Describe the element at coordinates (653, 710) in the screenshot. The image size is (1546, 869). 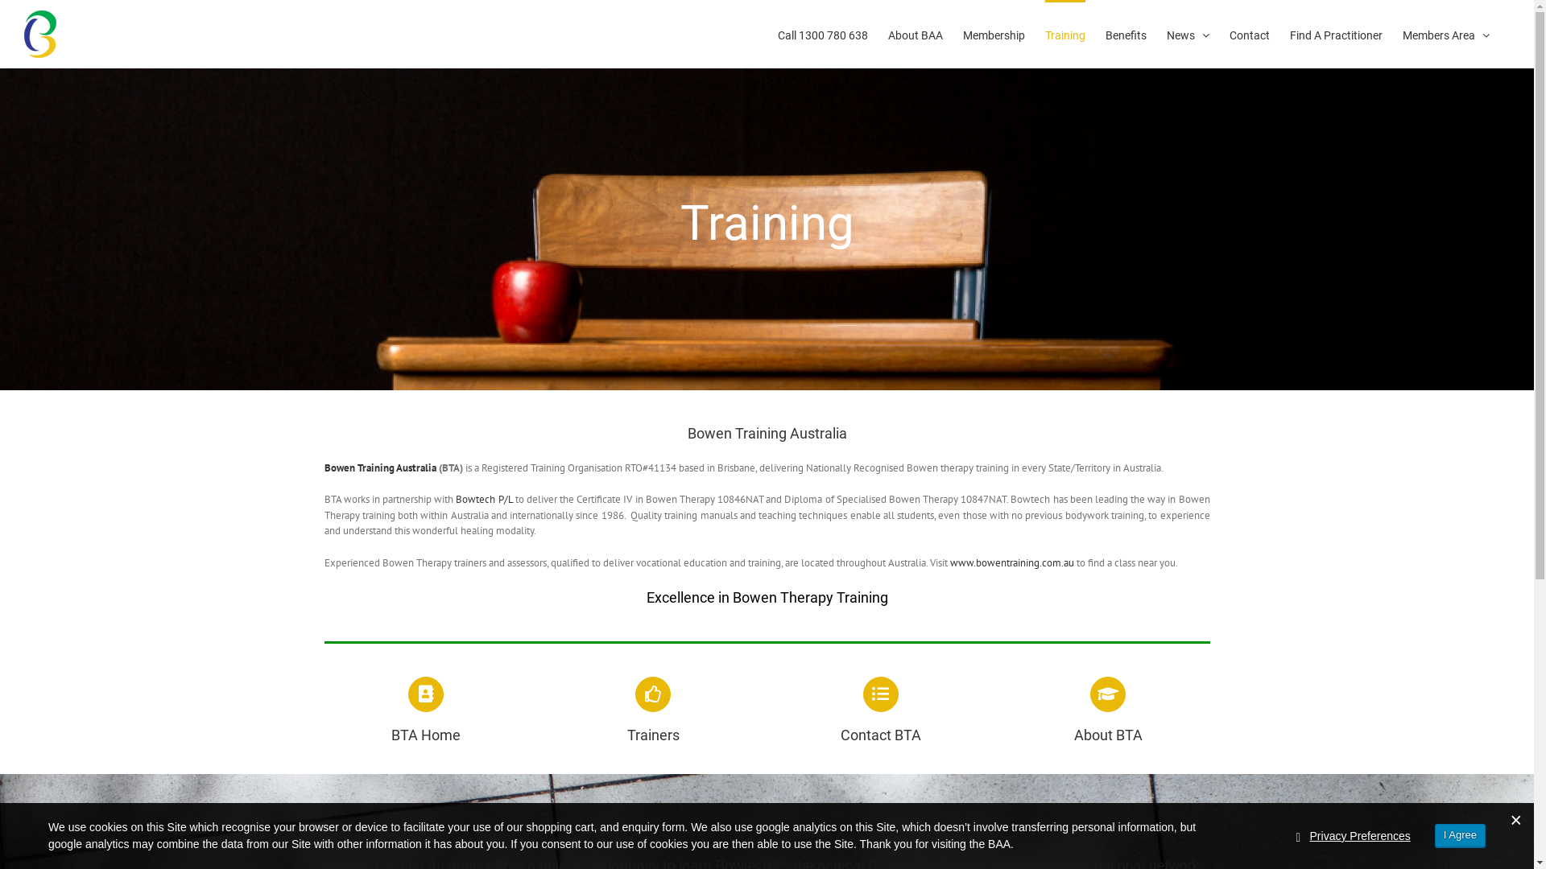
I see `'Trainers'` at that location.